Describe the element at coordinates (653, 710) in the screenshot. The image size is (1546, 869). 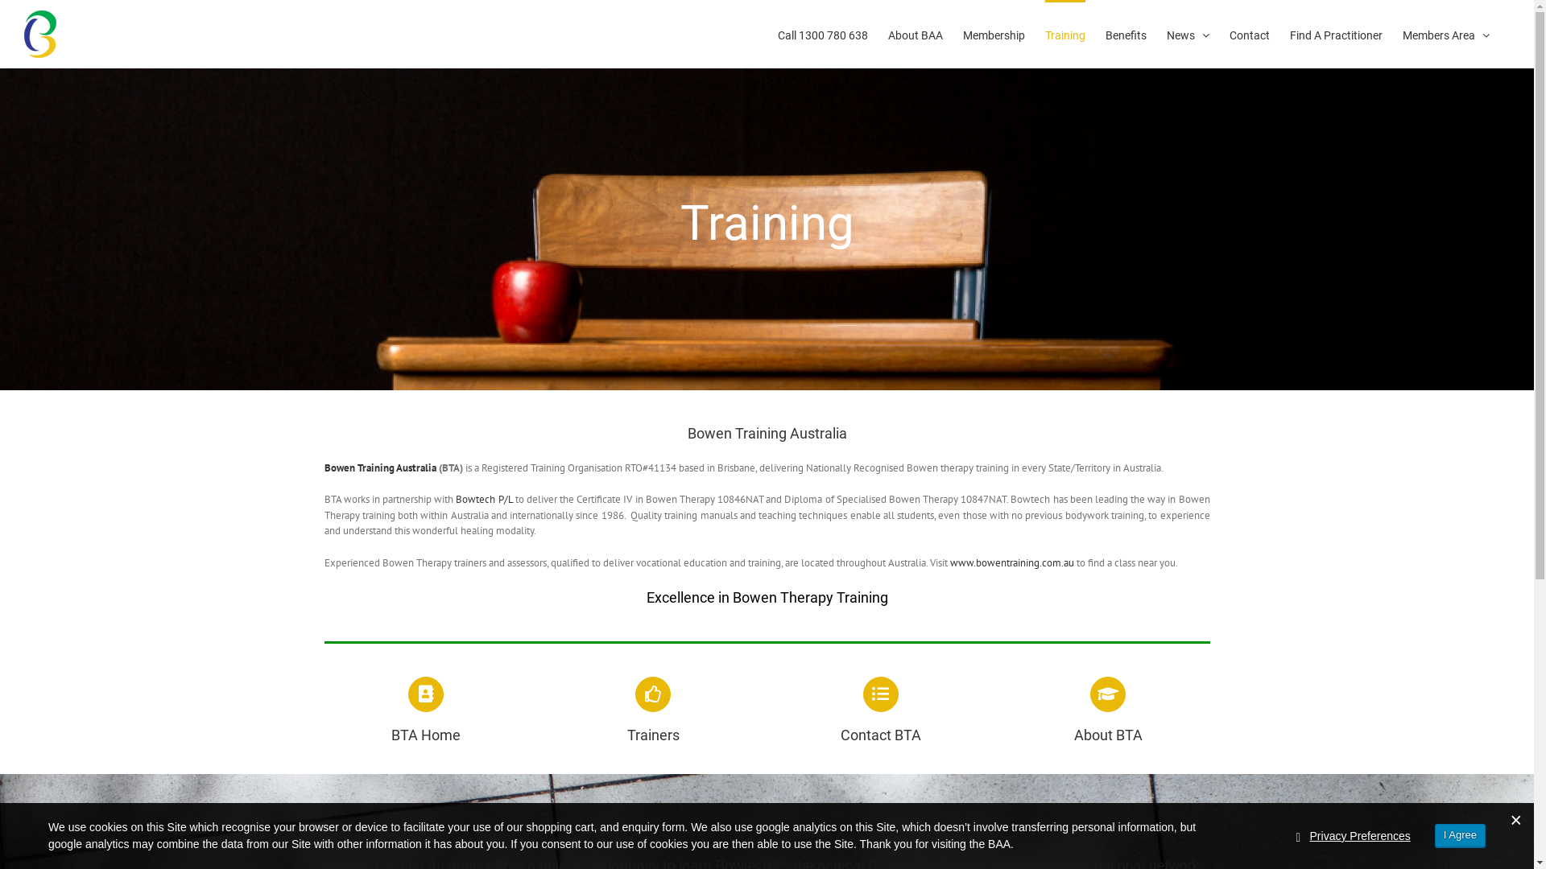
I see `'Trainers'` at that location.